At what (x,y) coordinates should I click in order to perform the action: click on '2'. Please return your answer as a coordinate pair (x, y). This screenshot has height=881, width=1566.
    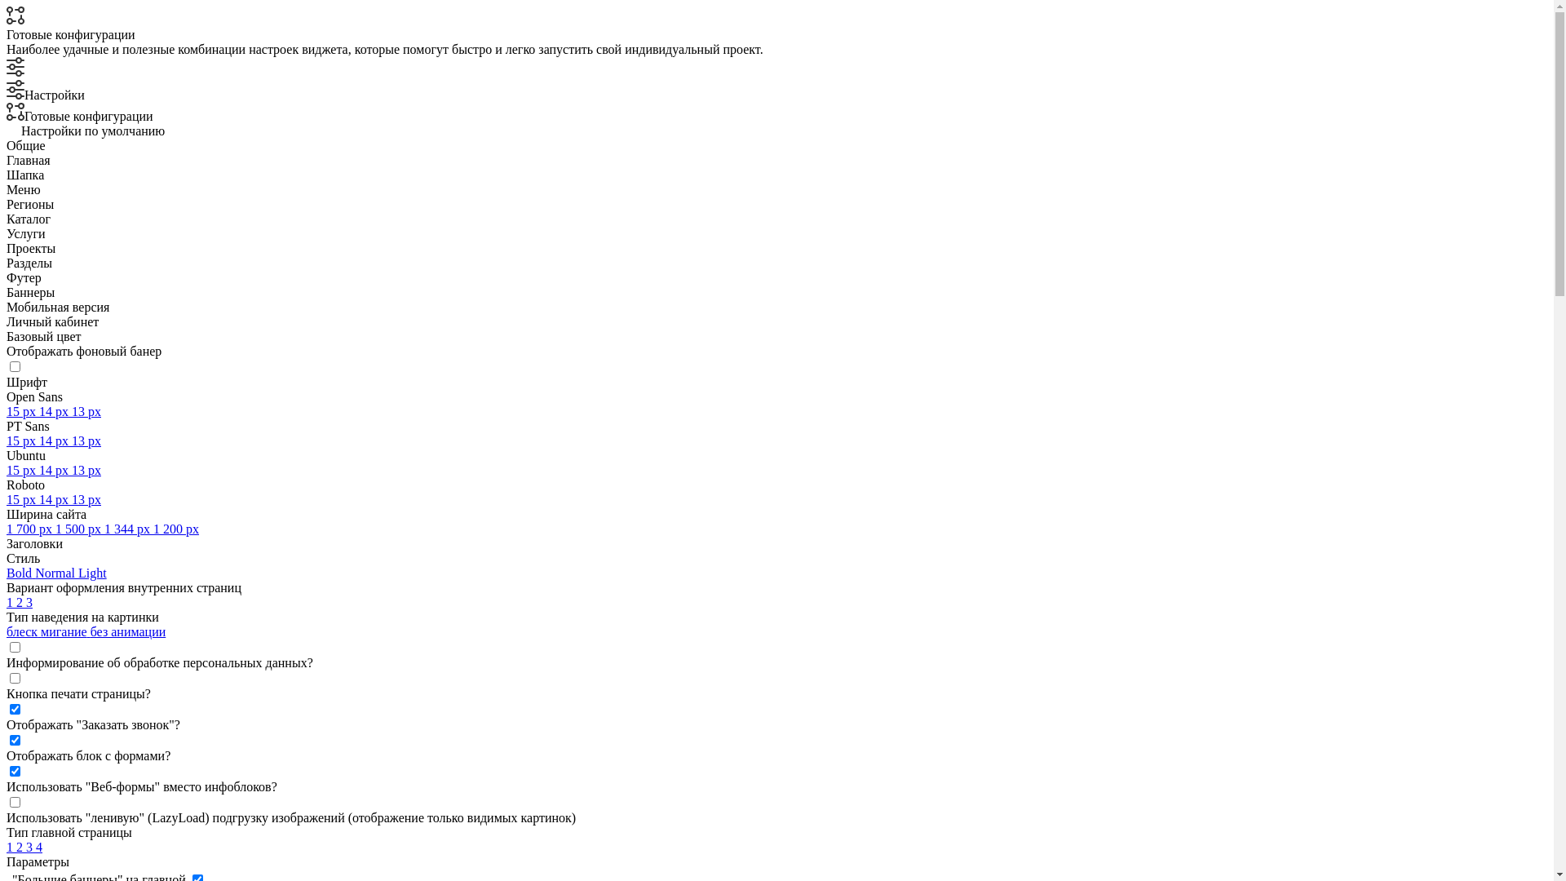
    Looking at the image, I should click on (20, 602).